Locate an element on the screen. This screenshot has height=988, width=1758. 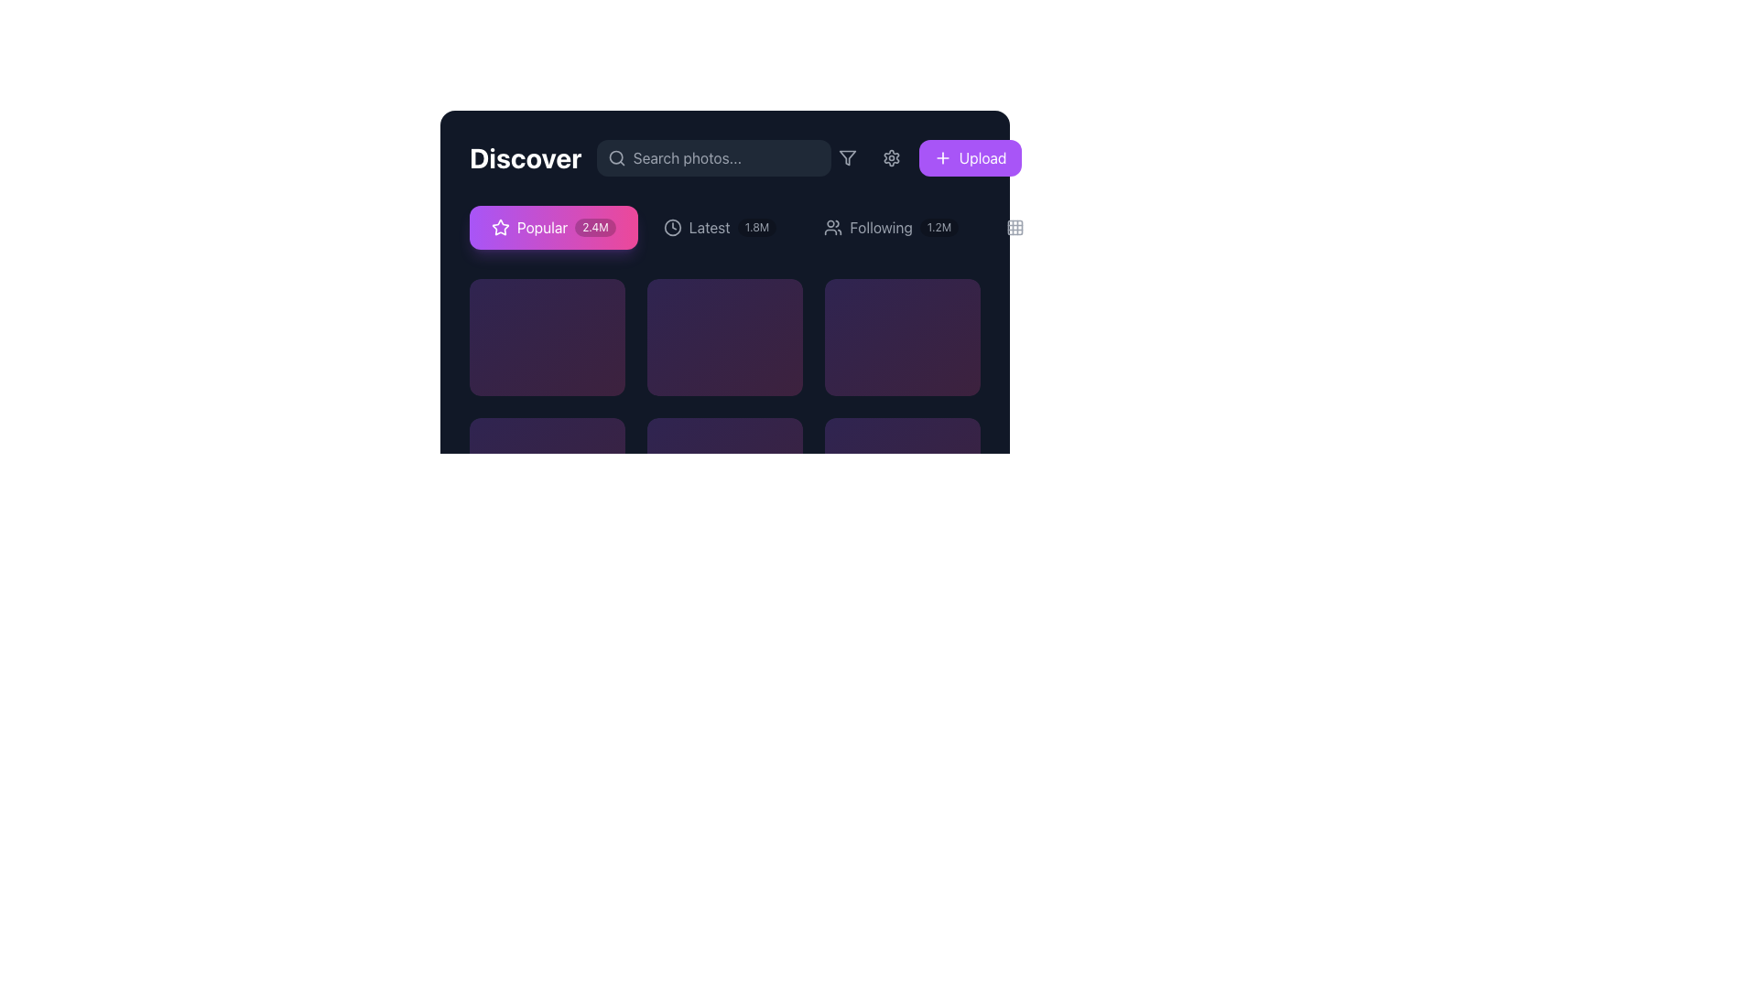
the gear-shaped icon button in the top-right corner of the dark-themed navigation bar is located at coordinates (891, 157).